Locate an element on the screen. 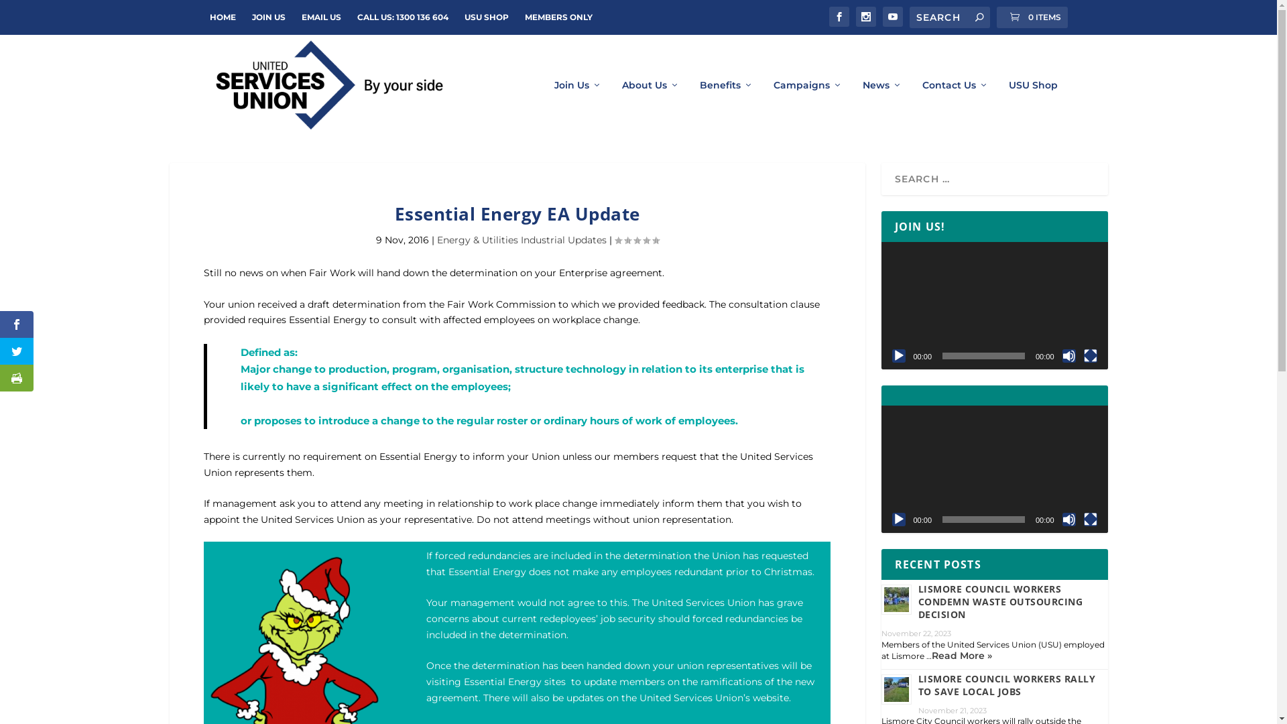 The width and height of the screenshot is (1287, 724). 'Join Us' is located at coordinates (553, 107).